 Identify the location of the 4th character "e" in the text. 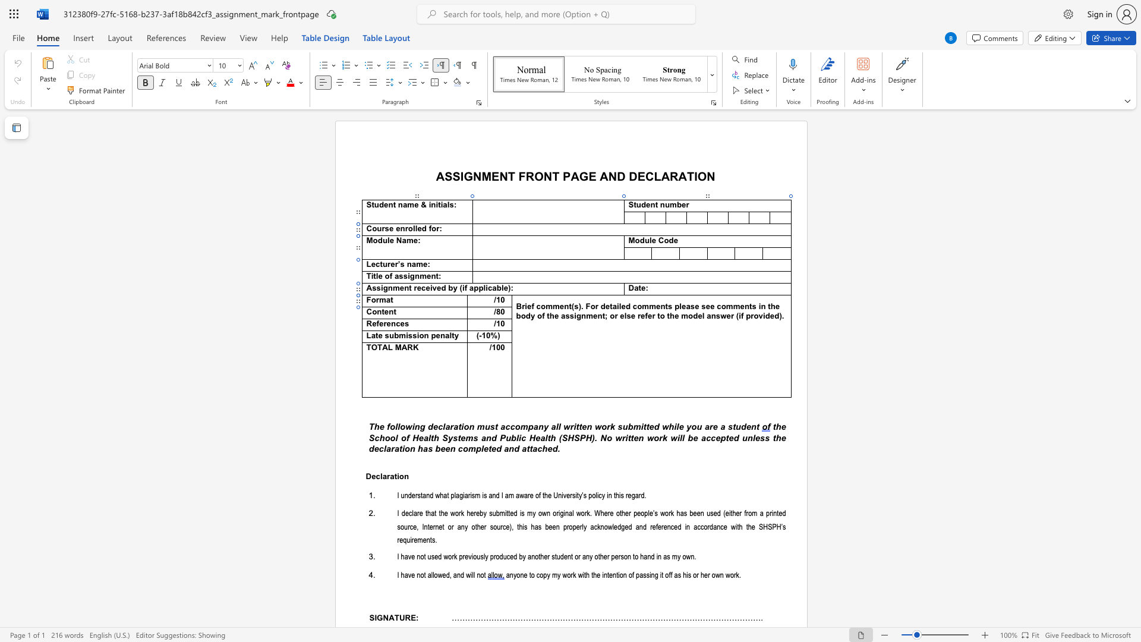
(402, 323).